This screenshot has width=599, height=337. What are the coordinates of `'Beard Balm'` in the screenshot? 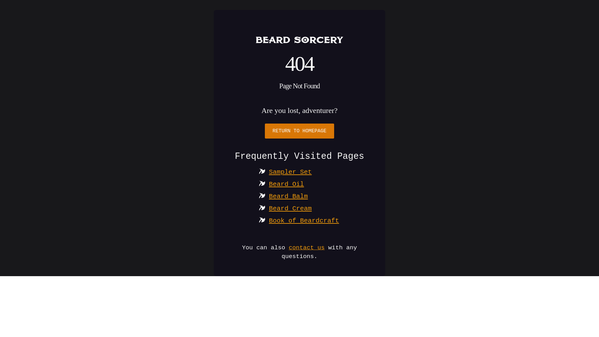 It's located at (288, 196).